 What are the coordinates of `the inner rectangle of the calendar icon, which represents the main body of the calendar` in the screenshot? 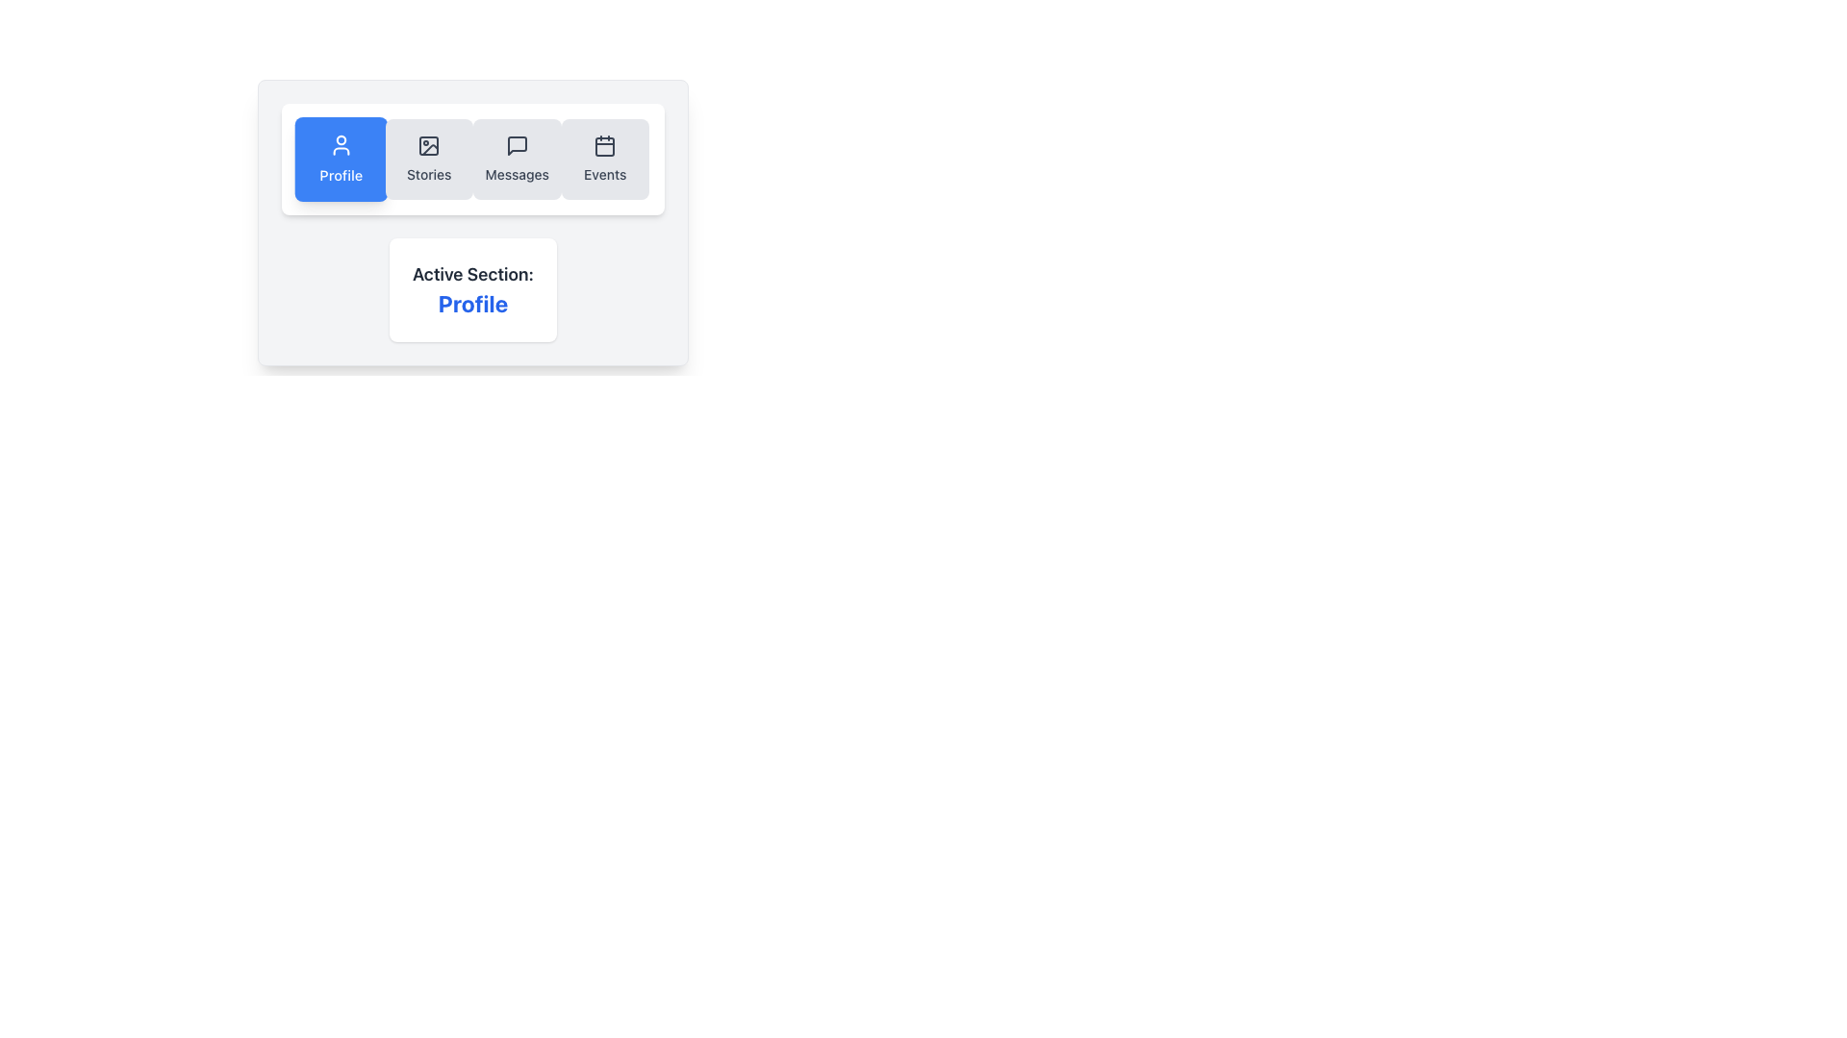 It's located at (604, 146).